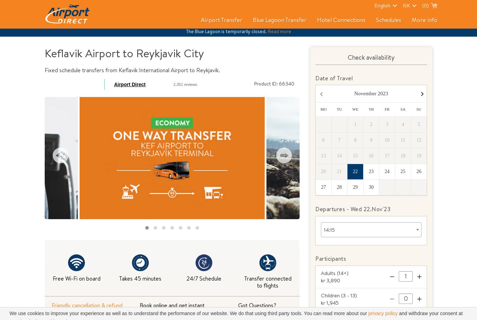 The image size is (477, 320). Describe the element at coordinates (257, 312) in the screenshot. I see `'Contact our agents'` at that location.